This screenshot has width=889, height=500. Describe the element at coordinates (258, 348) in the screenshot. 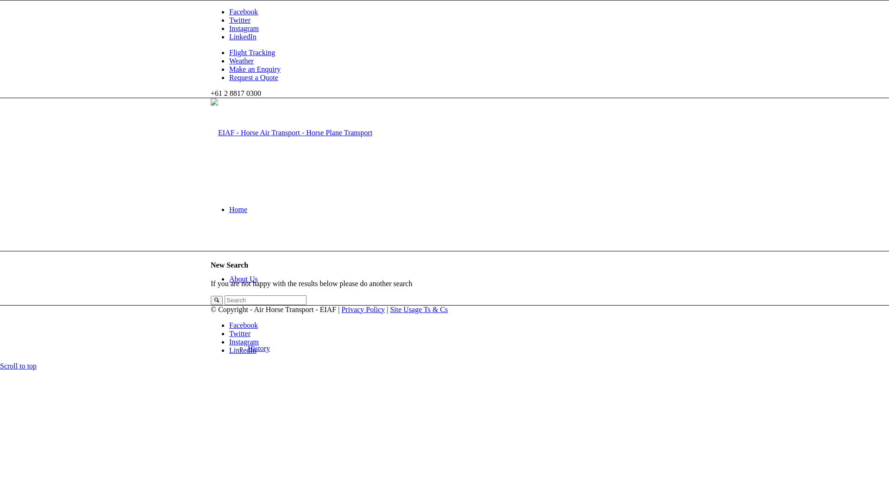

I see `'History'` at that location.